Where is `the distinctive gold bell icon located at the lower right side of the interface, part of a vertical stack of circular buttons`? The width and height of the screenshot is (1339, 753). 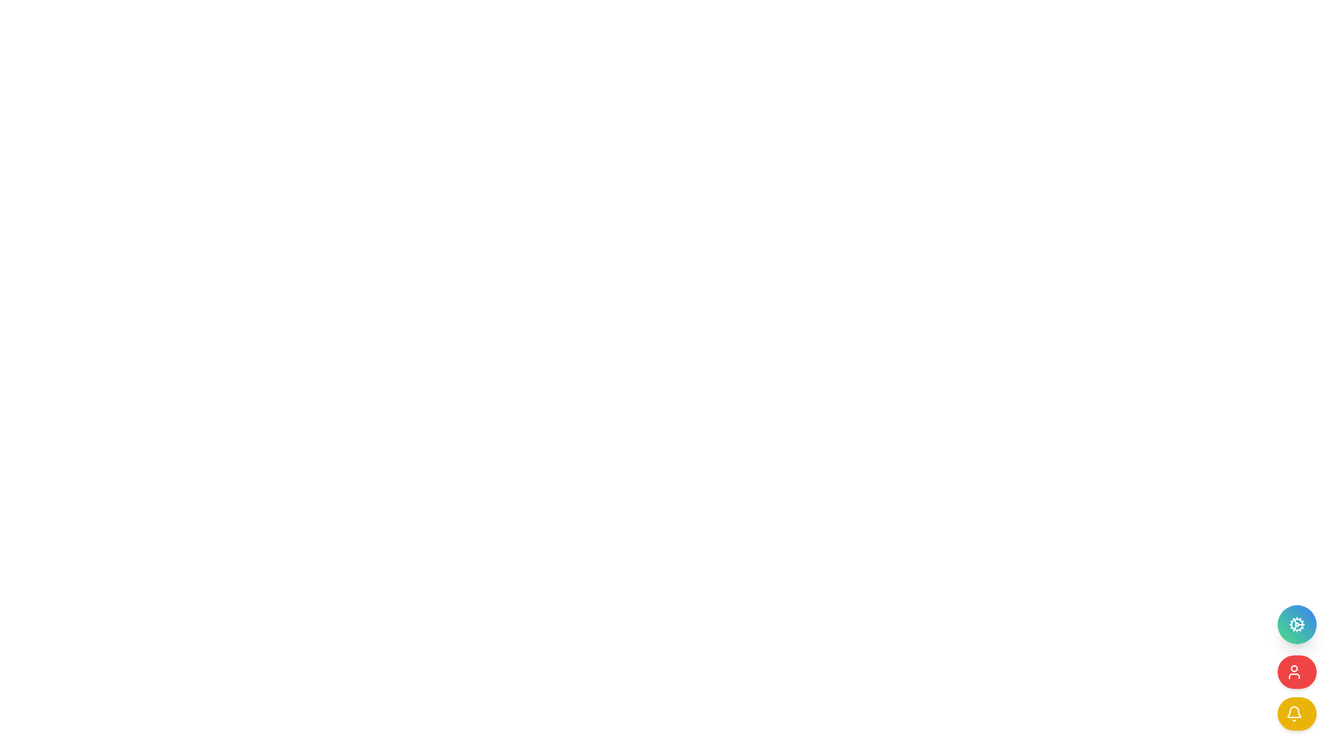
the distinctive gold bell icon located at the lower right side of the interface, part of a vertical stack of circular buttons is located at coordinates (1294, 712).